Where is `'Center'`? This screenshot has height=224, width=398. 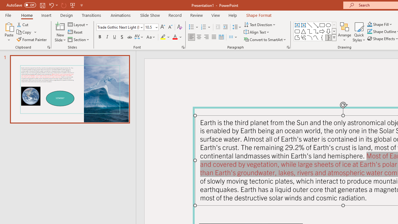 'Center' is located at coordinates (199, 37).